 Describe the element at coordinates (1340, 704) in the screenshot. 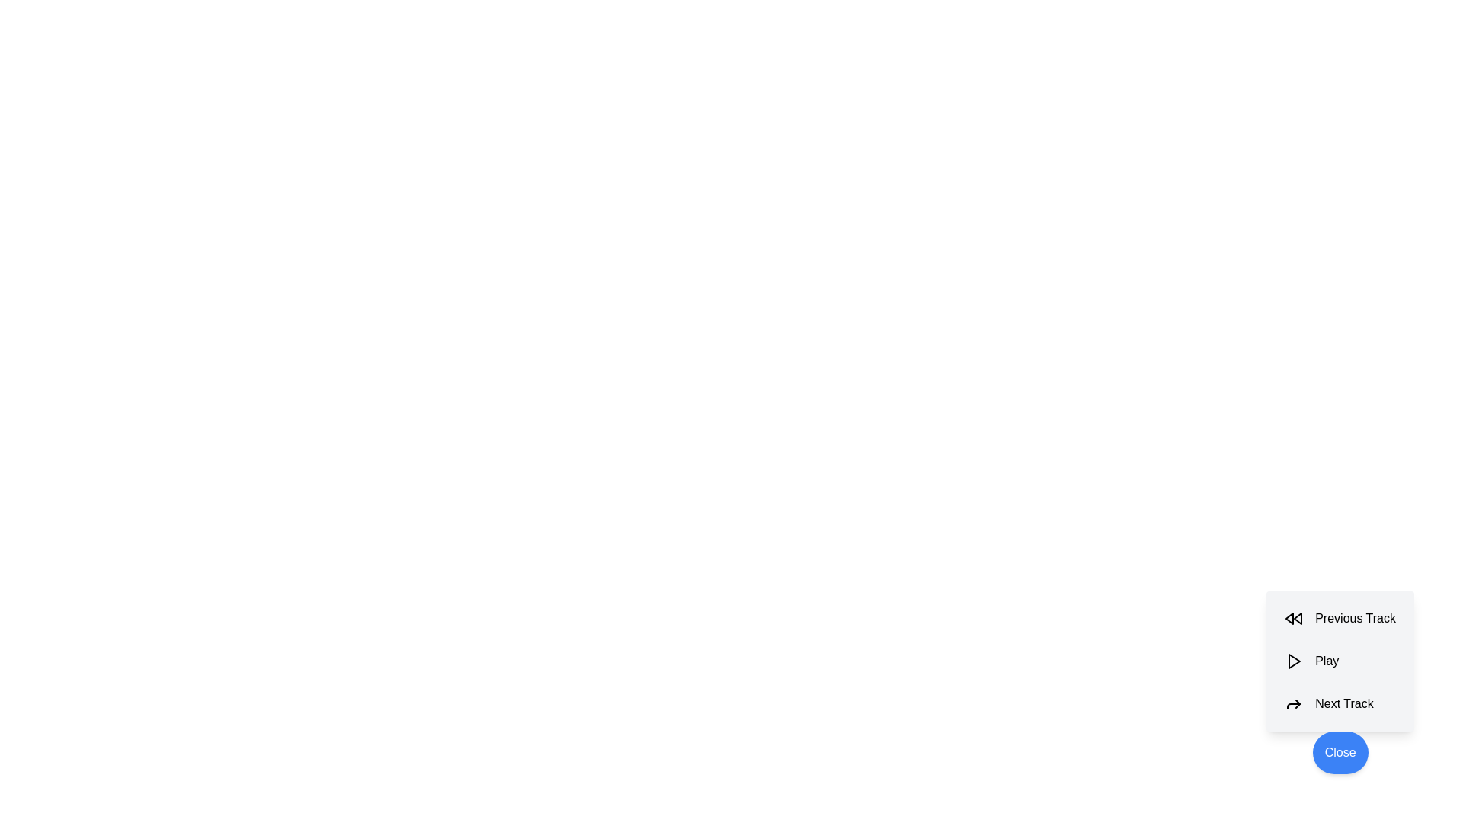

I see `the 'Next Track' button, which is the third button in a vertical list of playback options, to skip to the next track` at that location.